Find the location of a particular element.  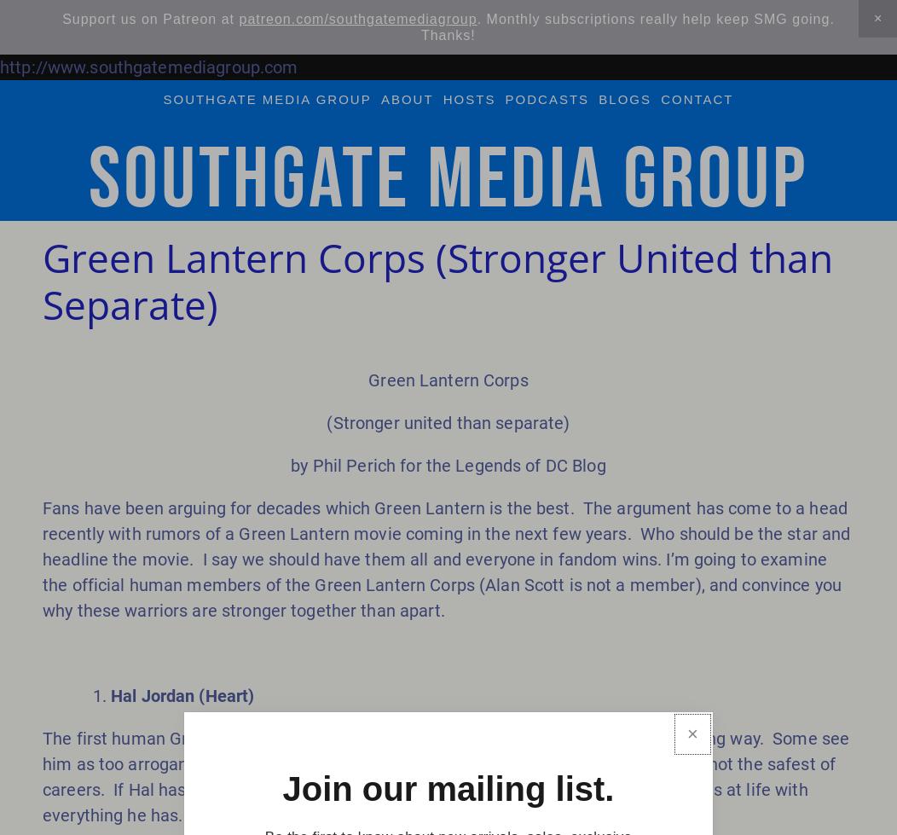

'blogs' is located at coordinates (624, 98).